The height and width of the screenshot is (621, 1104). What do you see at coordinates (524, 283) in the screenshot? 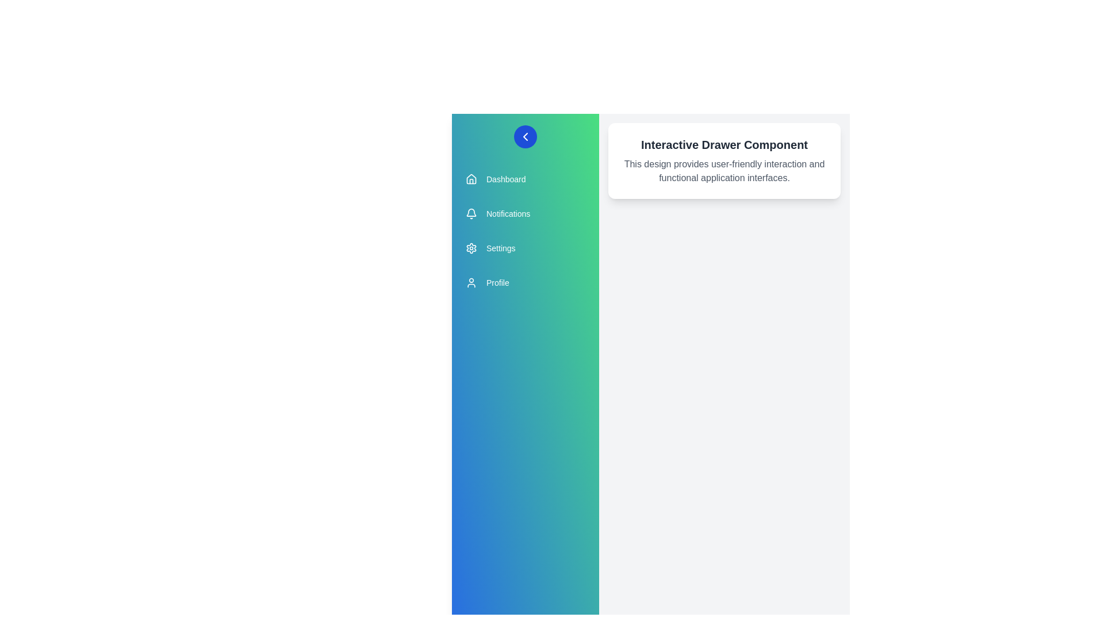
I see `the menu item Profile to observe the hover effect` at bounding box center [524, 283].